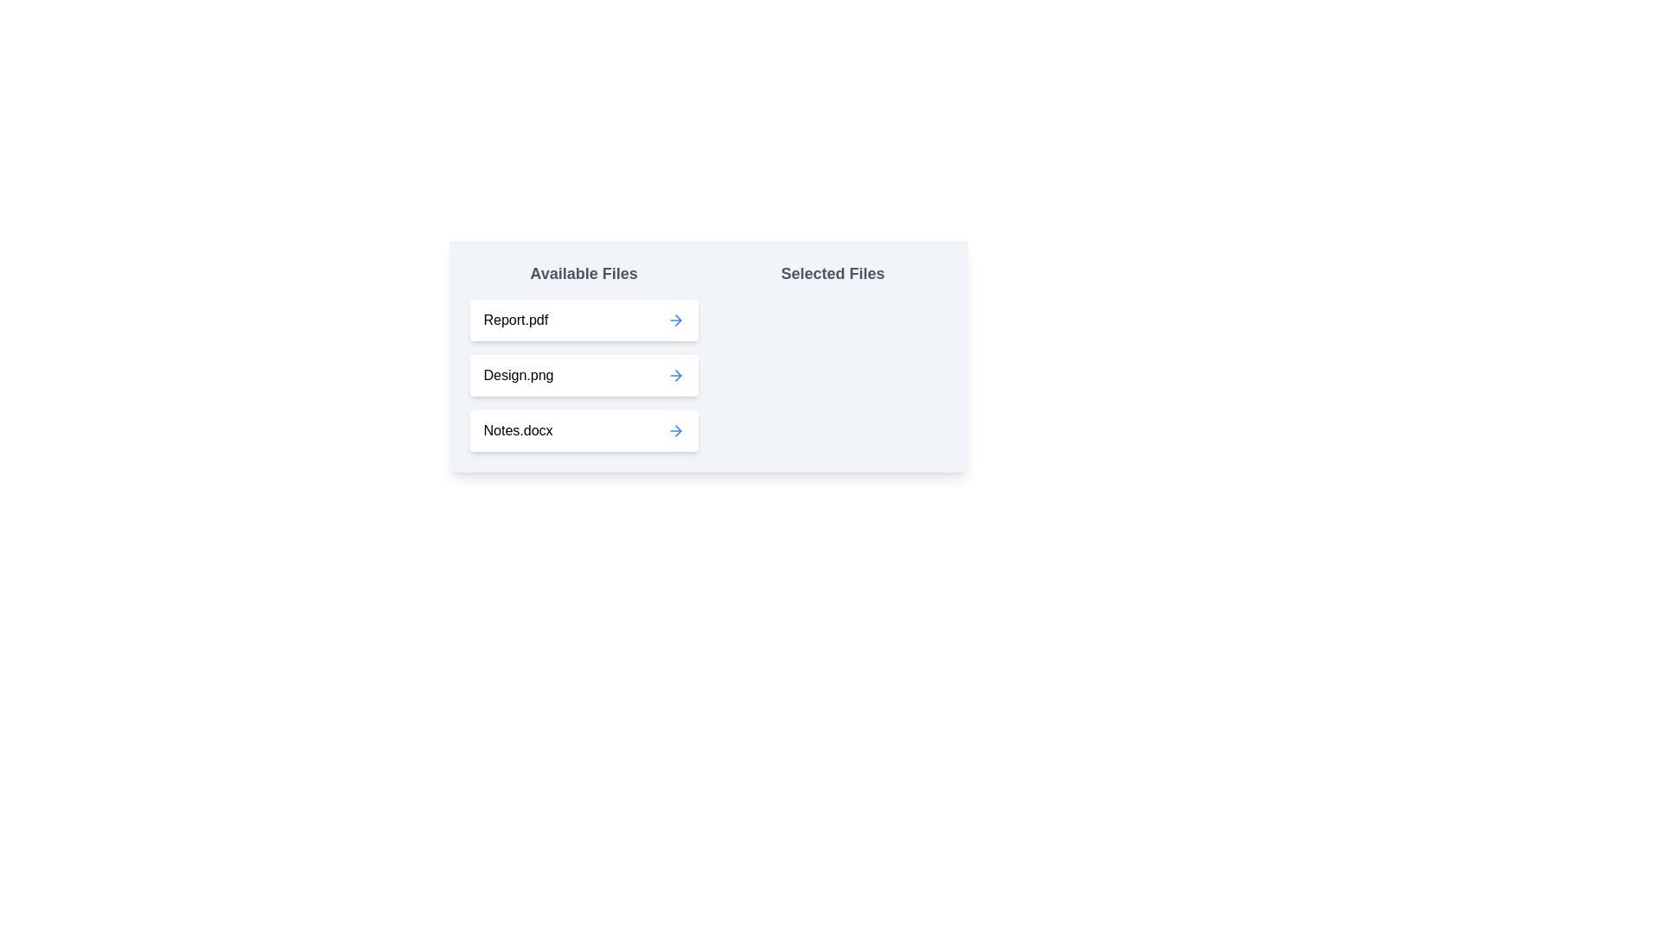  What do you see at coordinates (674, 320) in the screenshot?
I see `the icon related to the 'Report.pdf' file to change its color` at bounding box center [674, 320].